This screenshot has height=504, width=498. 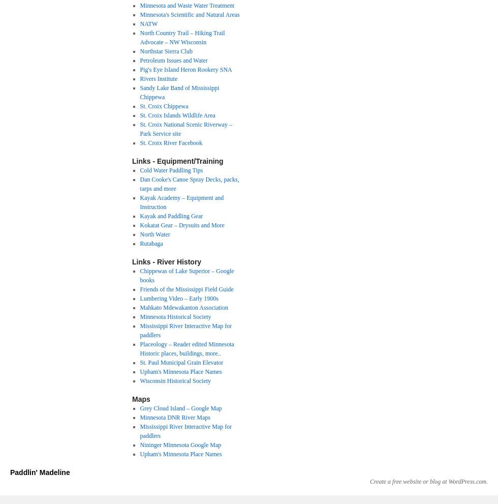 What do you see at coordinates (139, 348) in the screenshot?
I see `'Placeology – Reader edited Minnesota Historic places, buildings, more..'` at bounding box center [139, 348].